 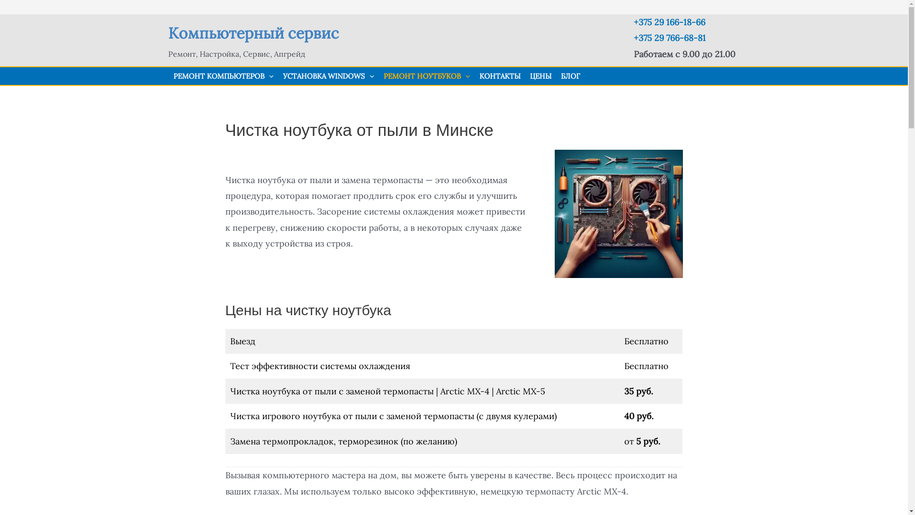 I want to click on '+375 29 766-68-81', so click(x=633, y=37).